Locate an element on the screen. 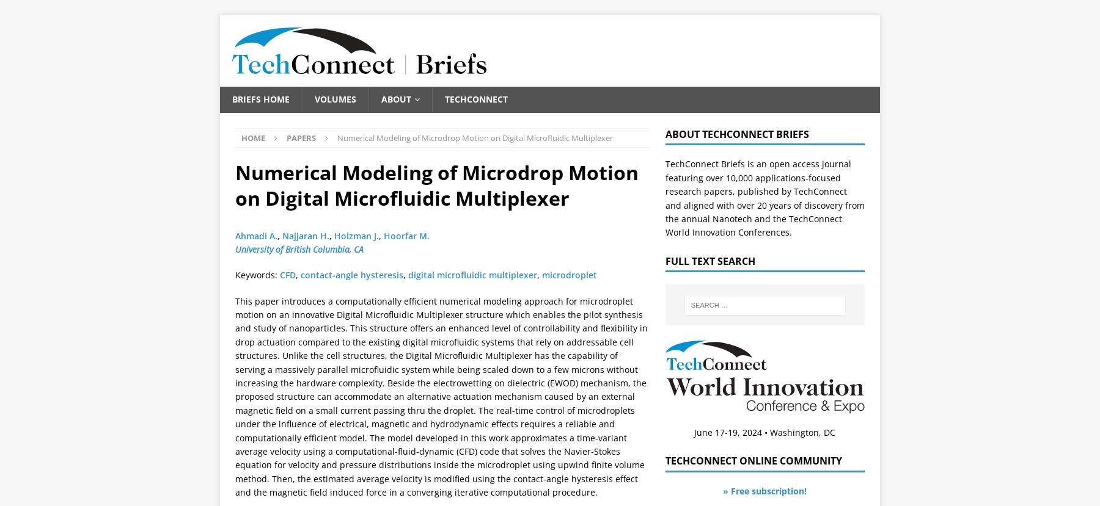 The width and height of the screenshot is (1100, 506). 'Keywords:' is located at coordinates (257, 274).